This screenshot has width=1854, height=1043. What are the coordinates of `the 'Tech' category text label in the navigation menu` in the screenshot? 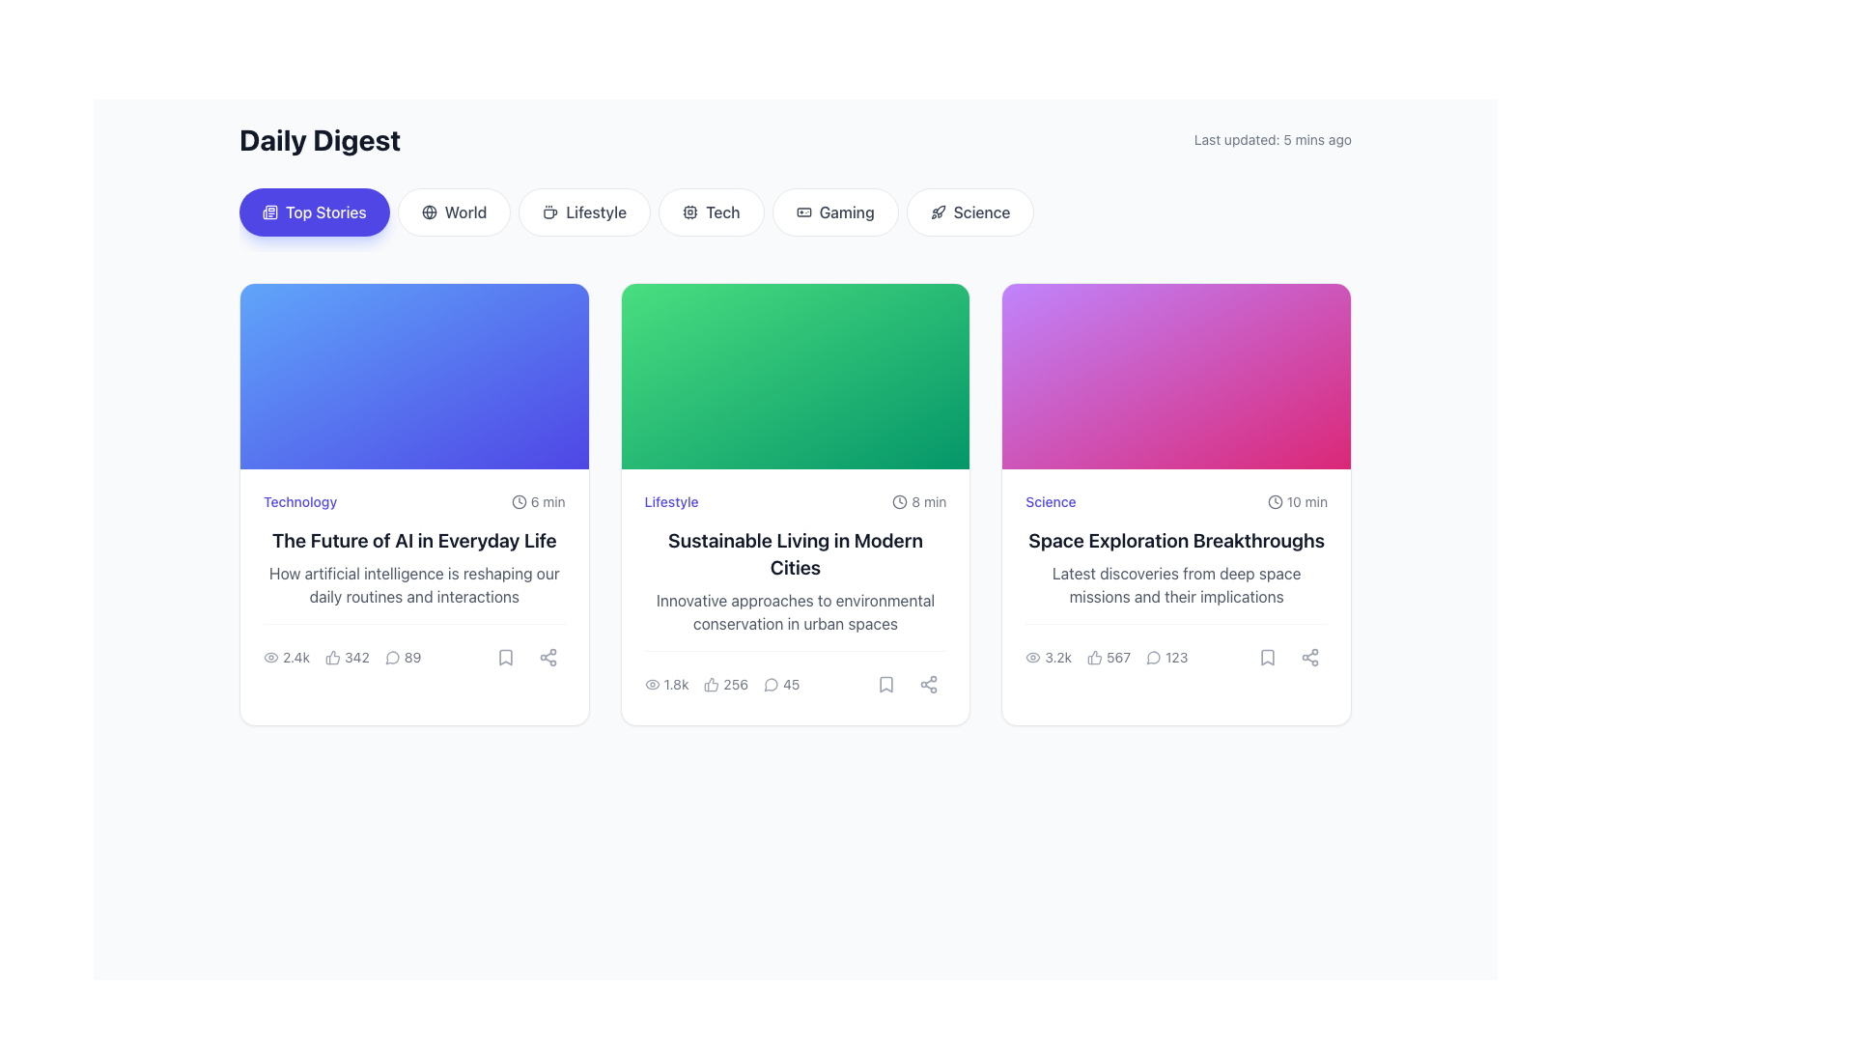 It's located at (721, 211).